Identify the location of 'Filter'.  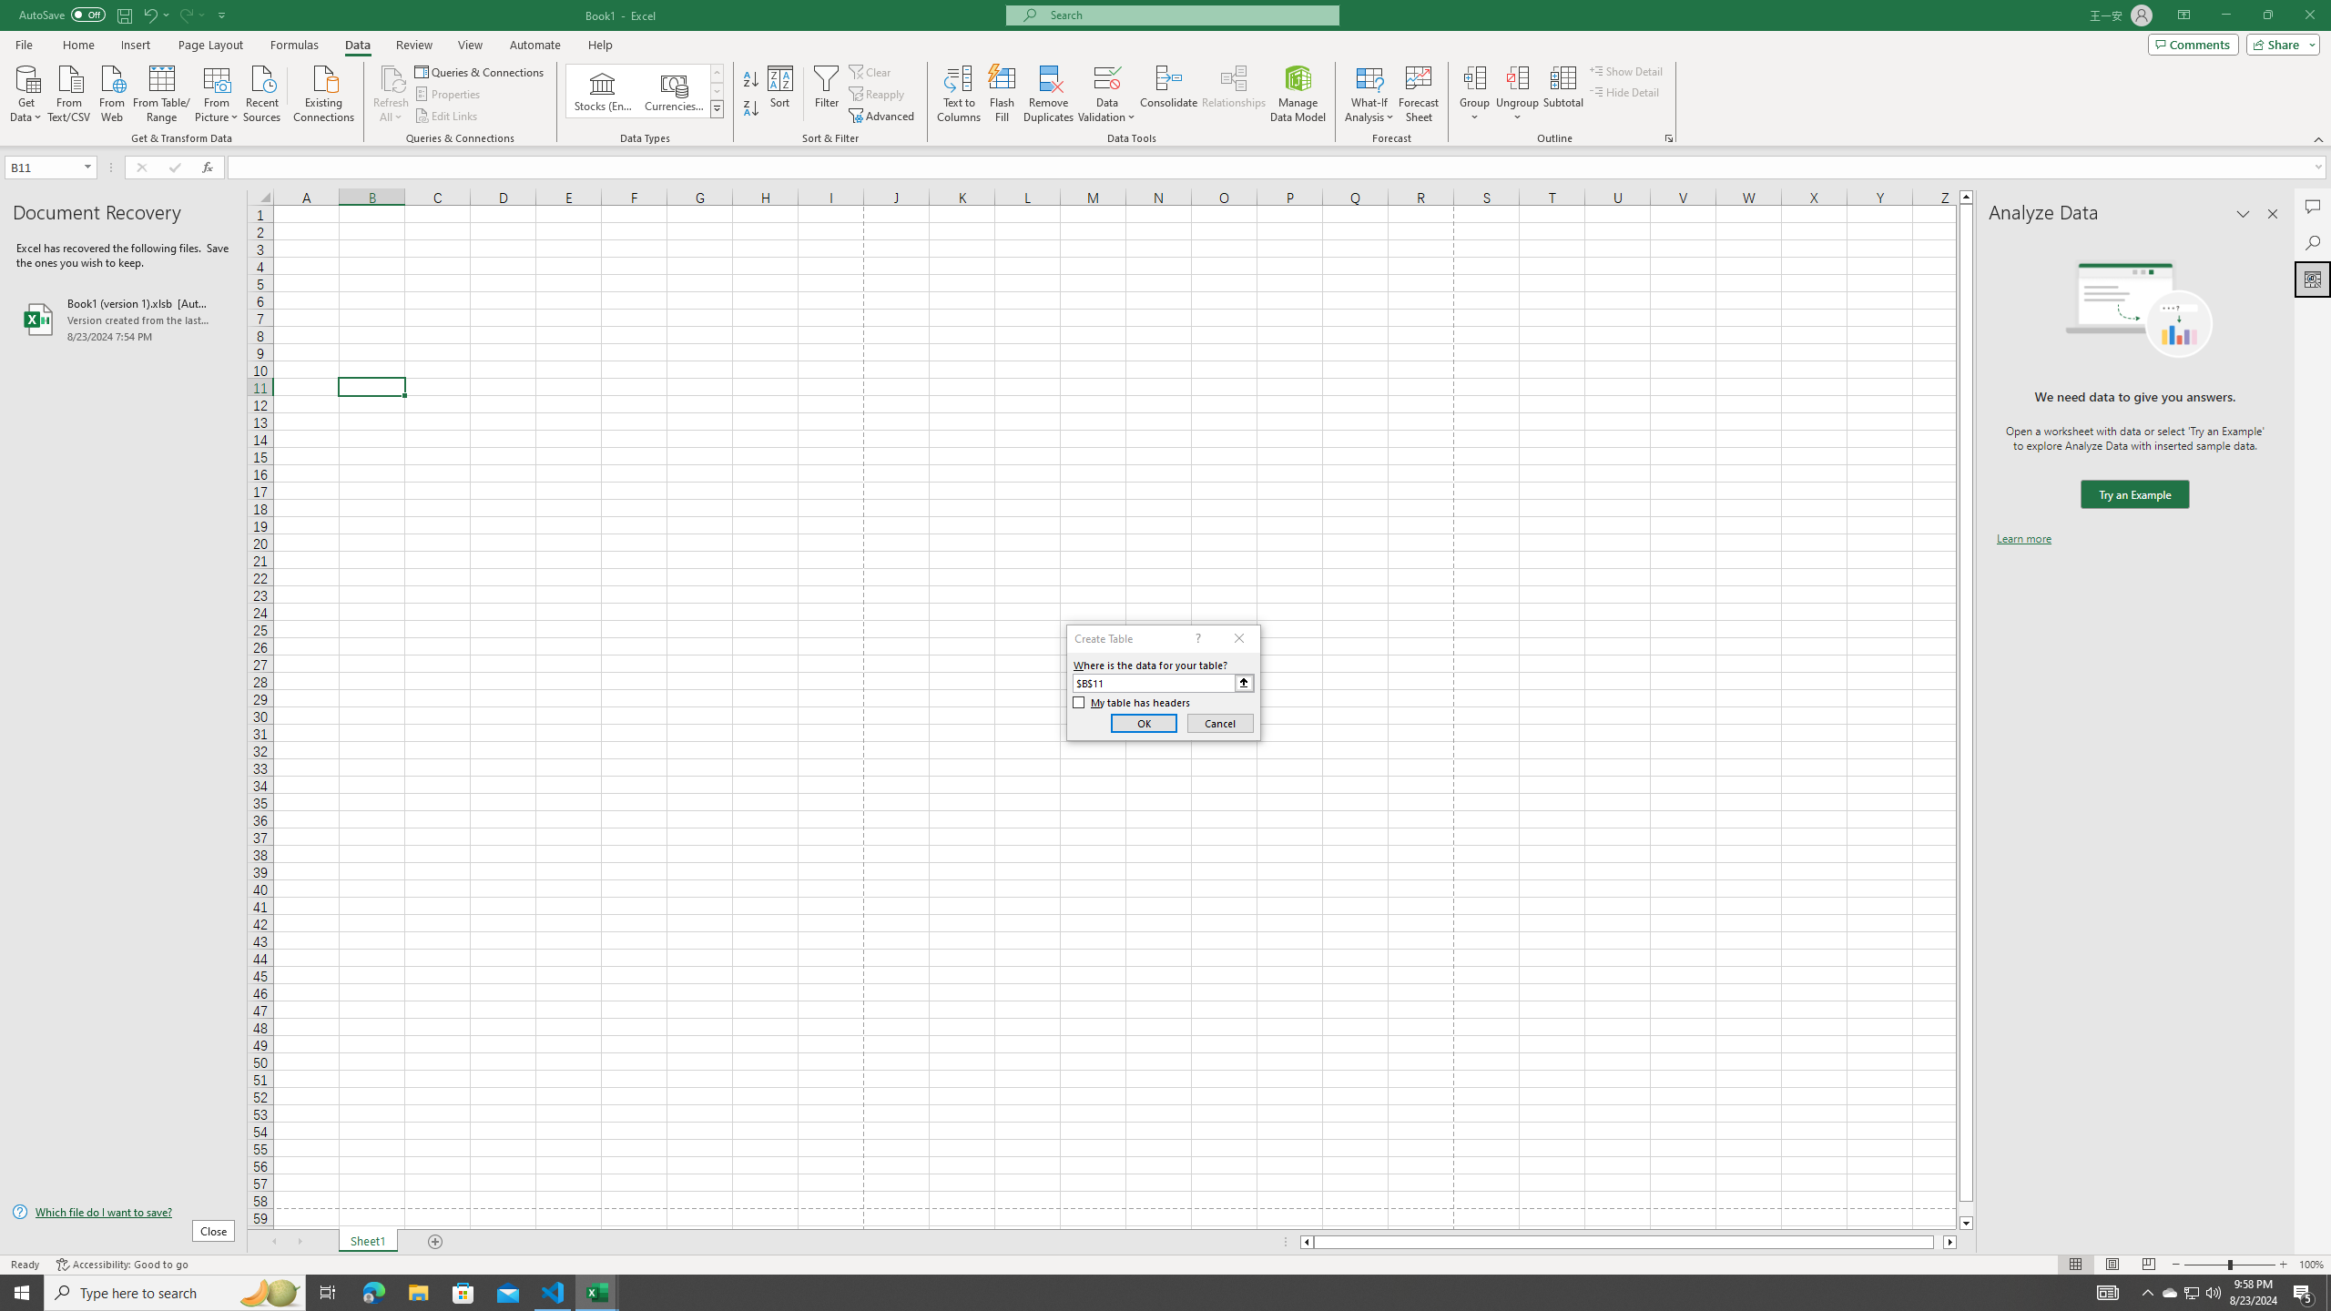
(825, 94).